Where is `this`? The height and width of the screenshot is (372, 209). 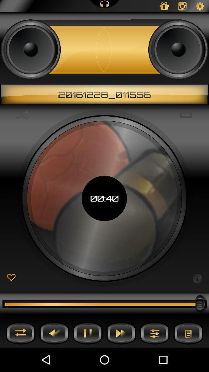 this is located at coordinates (11, 278).